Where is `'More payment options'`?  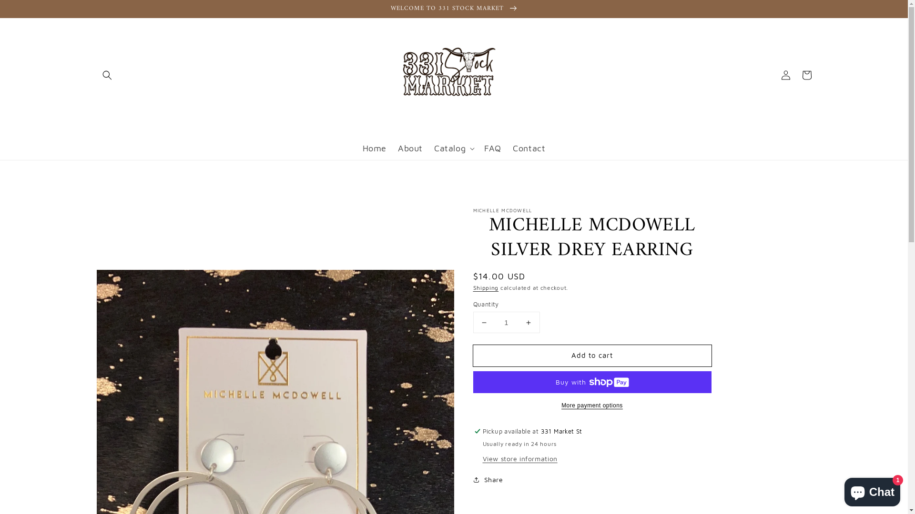
'More payment options' is located at coordinates (591, 405).